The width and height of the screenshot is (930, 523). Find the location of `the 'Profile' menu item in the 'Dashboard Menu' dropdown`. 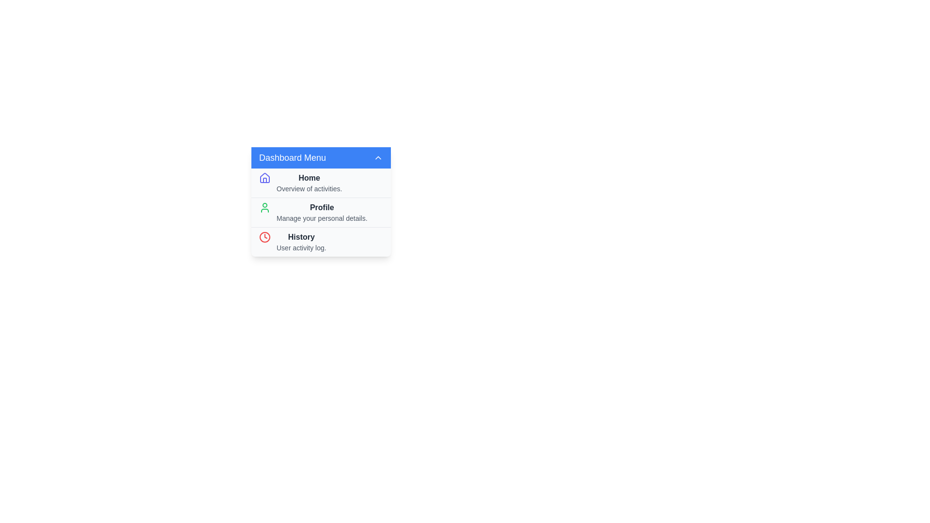

the 'Profile' menu item in the 'Dashboard Menu' dropdown is located at coordinates (321, 212).